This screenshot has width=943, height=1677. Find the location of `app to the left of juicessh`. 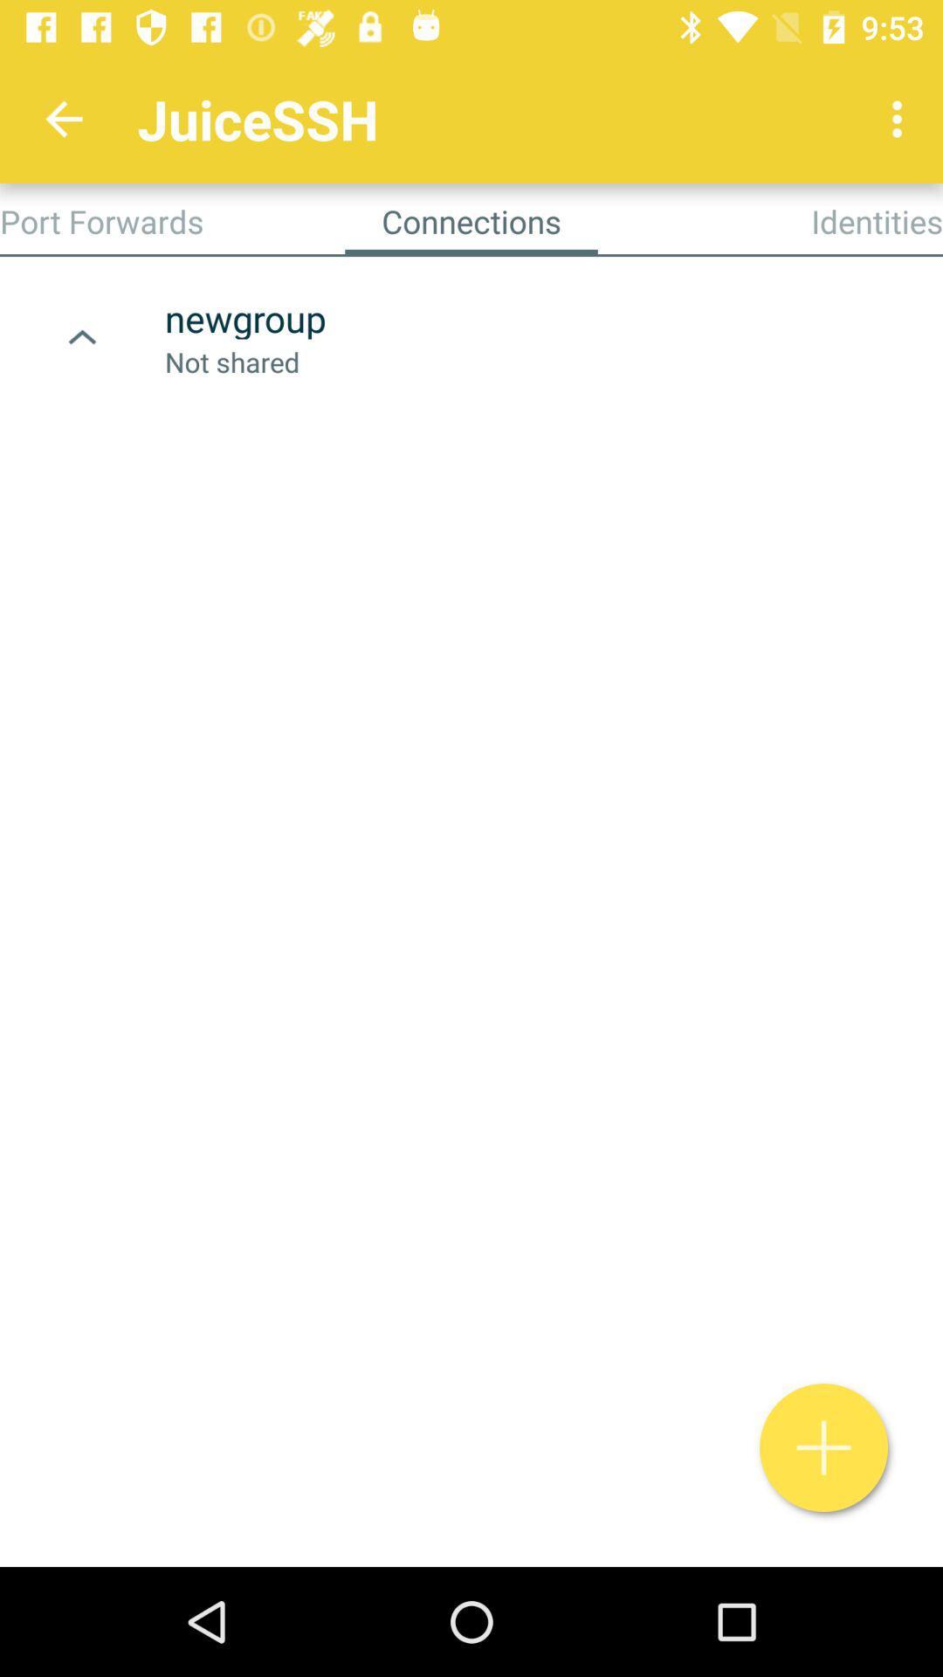

app to the left of juicessh is located at coordinates (63, 118).